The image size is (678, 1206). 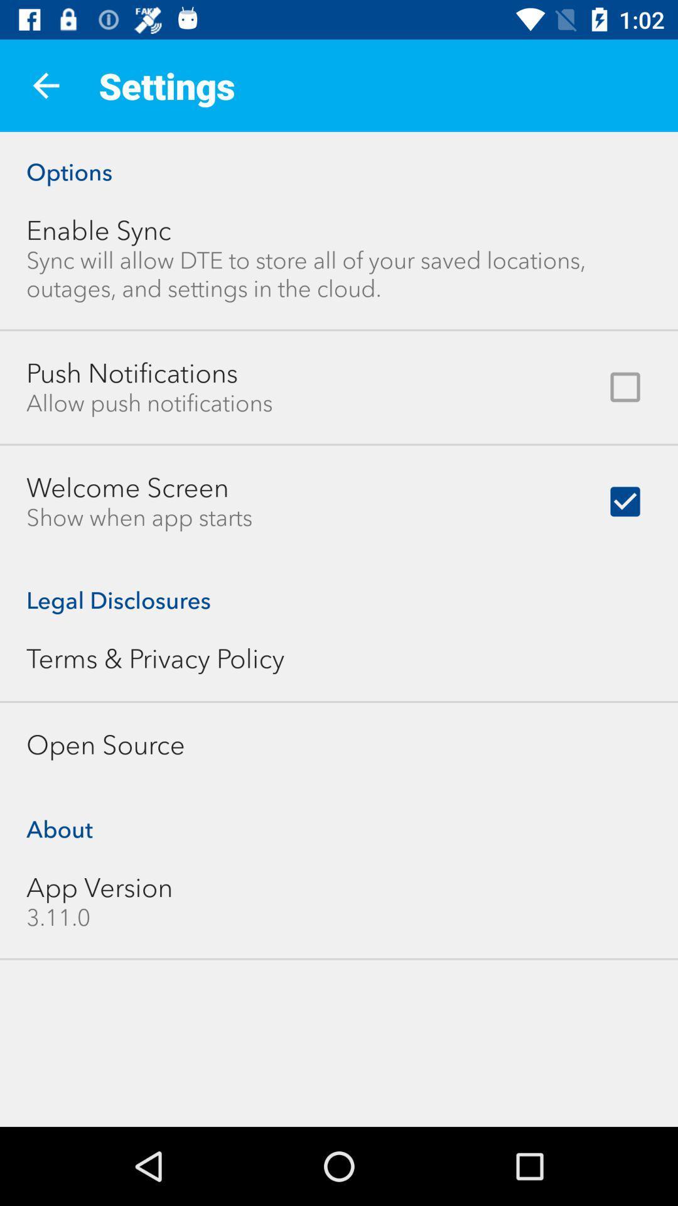 What do you see at coordinates (339, 158) in the screenshot?
I see `the options` at bounding box center [339, 158].